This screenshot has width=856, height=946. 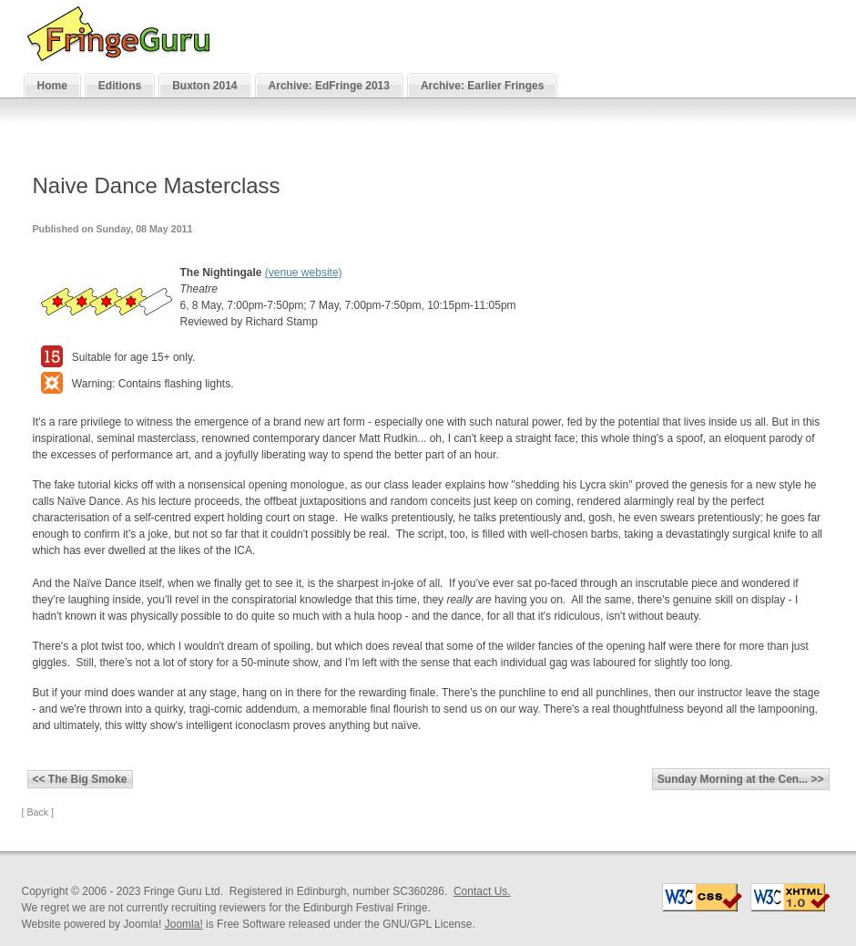 I want to click on 'Naive Dance Masterclass', so click(x=155, y=184).